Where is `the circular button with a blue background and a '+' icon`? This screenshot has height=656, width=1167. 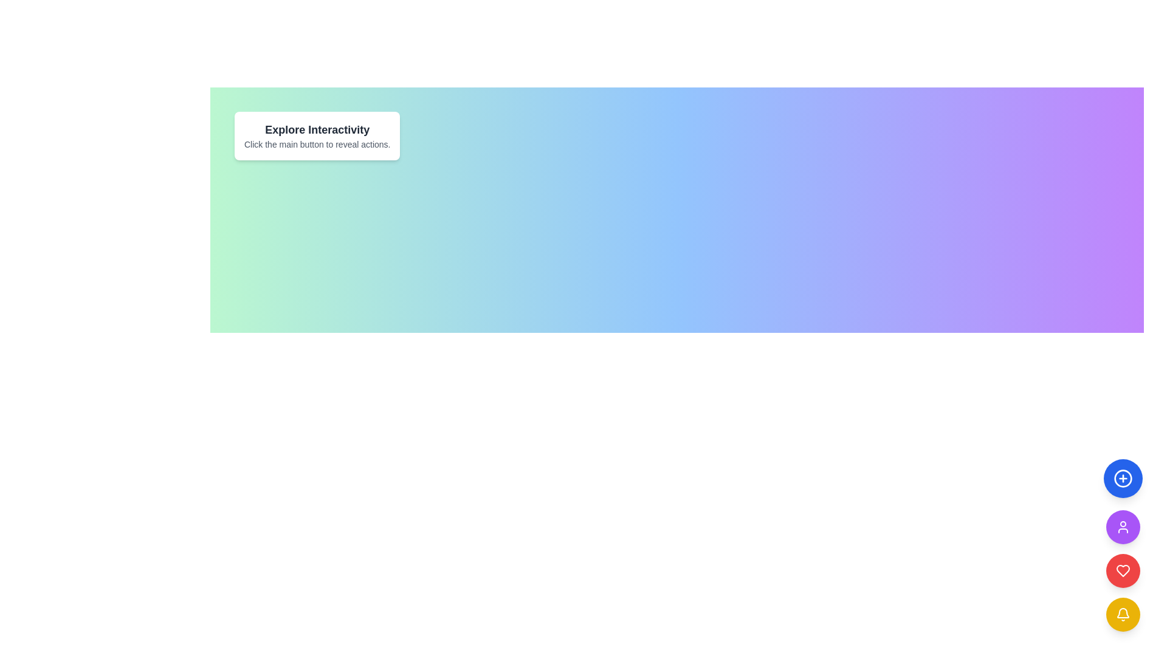 the circular button with a blue background and a '+' icon is located at coordinates (1123, 477).